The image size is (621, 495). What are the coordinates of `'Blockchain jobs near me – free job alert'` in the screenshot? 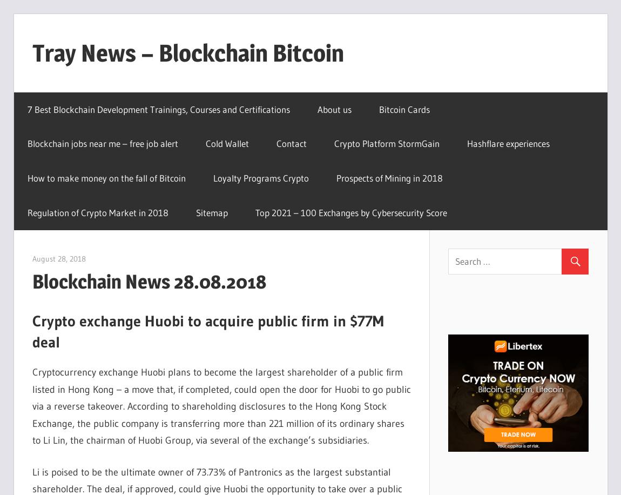 It's located at (102, 143).